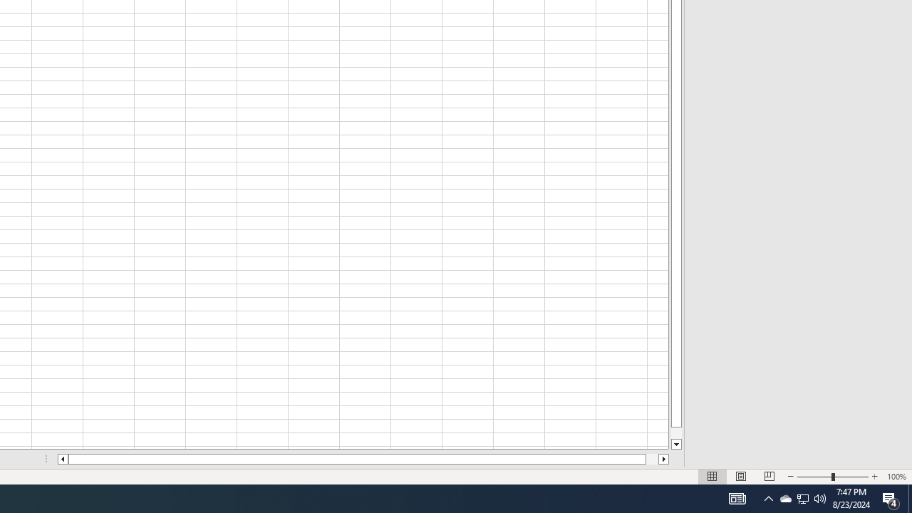 This screenshot has height=513, width=912. I want to click on 'Normal', so click(712, 477).